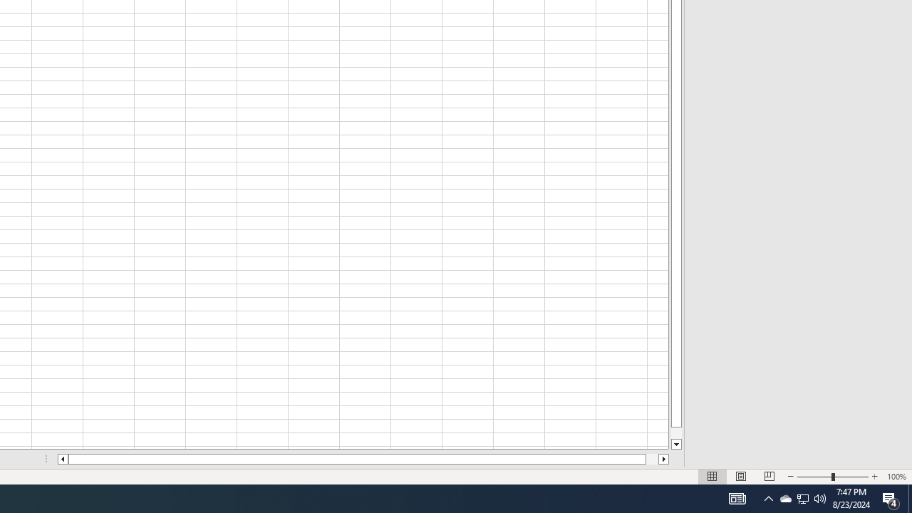 This screenshot has height=513, width=912. I want to click on 'Normal', so click(712, 477).